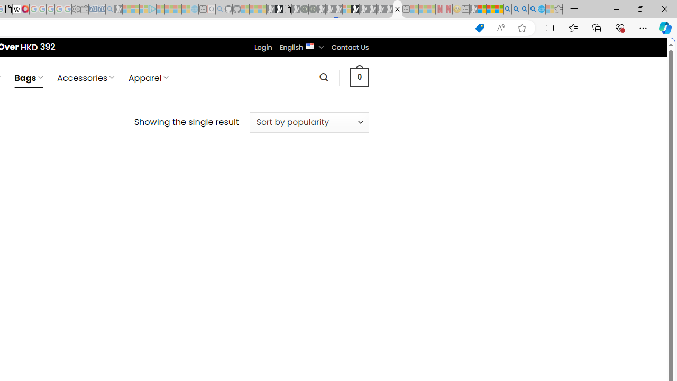 This screenshot has height=381, width=677. I want to click on 'Sign in to your account - Sleeping', so click(346, 9).